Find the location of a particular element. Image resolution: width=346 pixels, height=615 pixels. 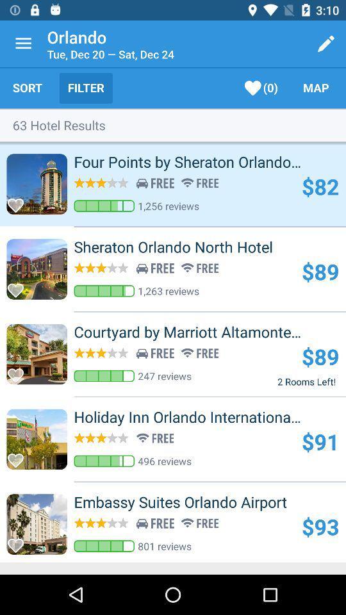

this rental is located at coordinates (19, 202).